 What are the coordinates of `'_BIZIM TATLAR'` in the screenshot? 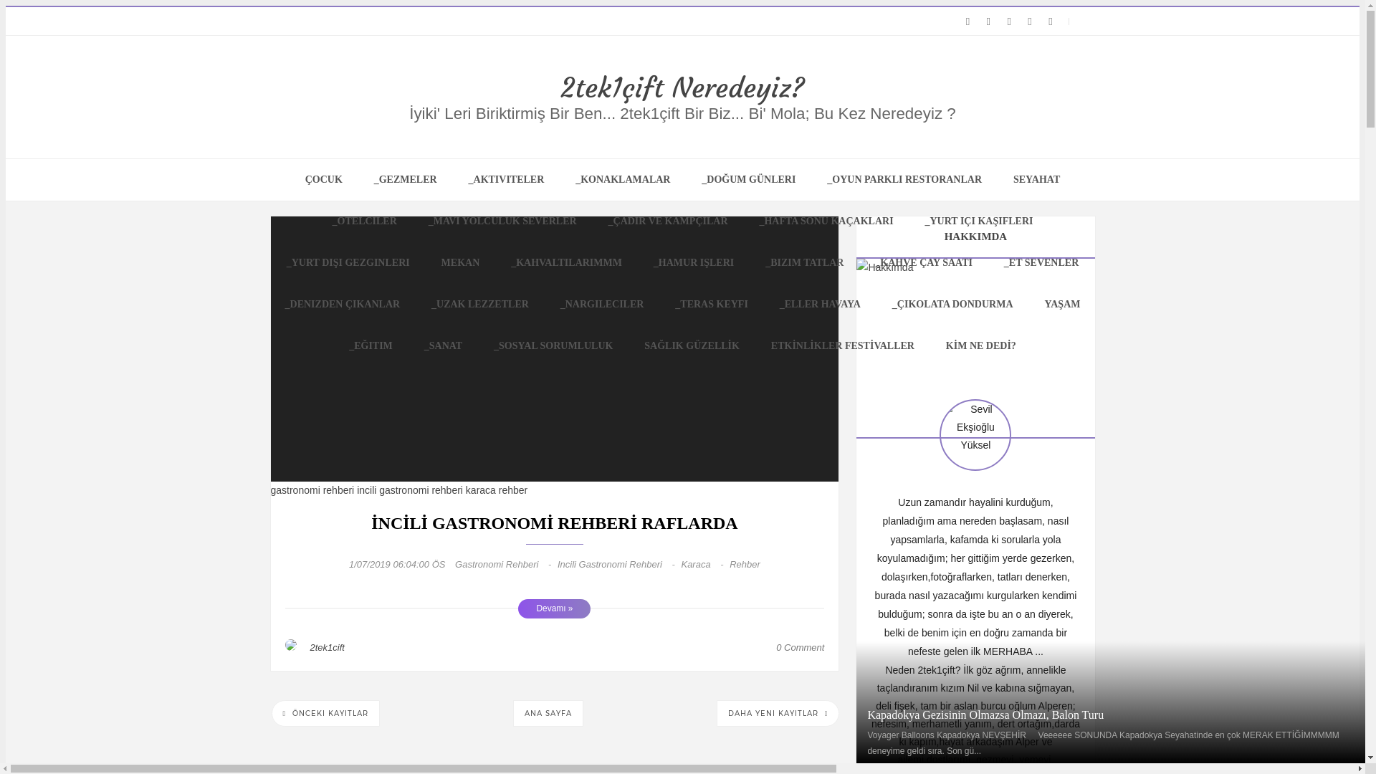 It's located at (750, 262).